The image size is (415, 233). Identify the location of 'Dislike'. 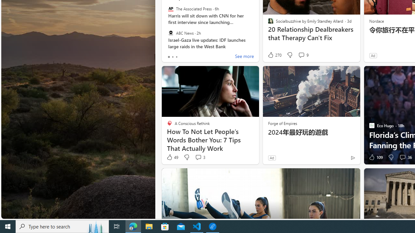
(390, 157).